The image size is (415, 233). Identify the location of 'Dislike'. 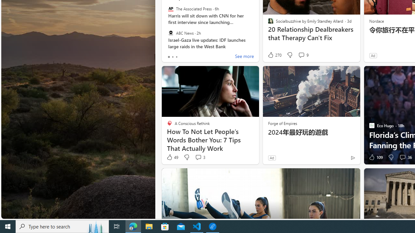
(390, 157).